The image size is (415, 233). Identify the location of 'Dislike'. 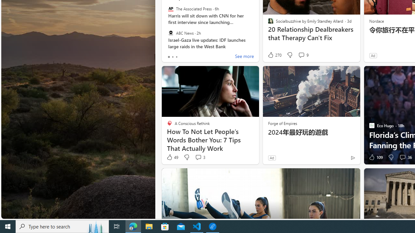
(390, 157).